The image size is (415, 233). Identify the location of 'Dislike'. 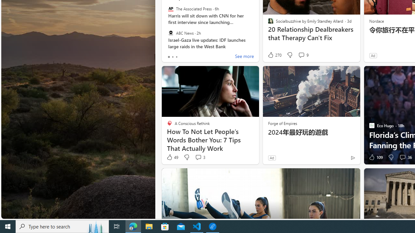
(390, 157).